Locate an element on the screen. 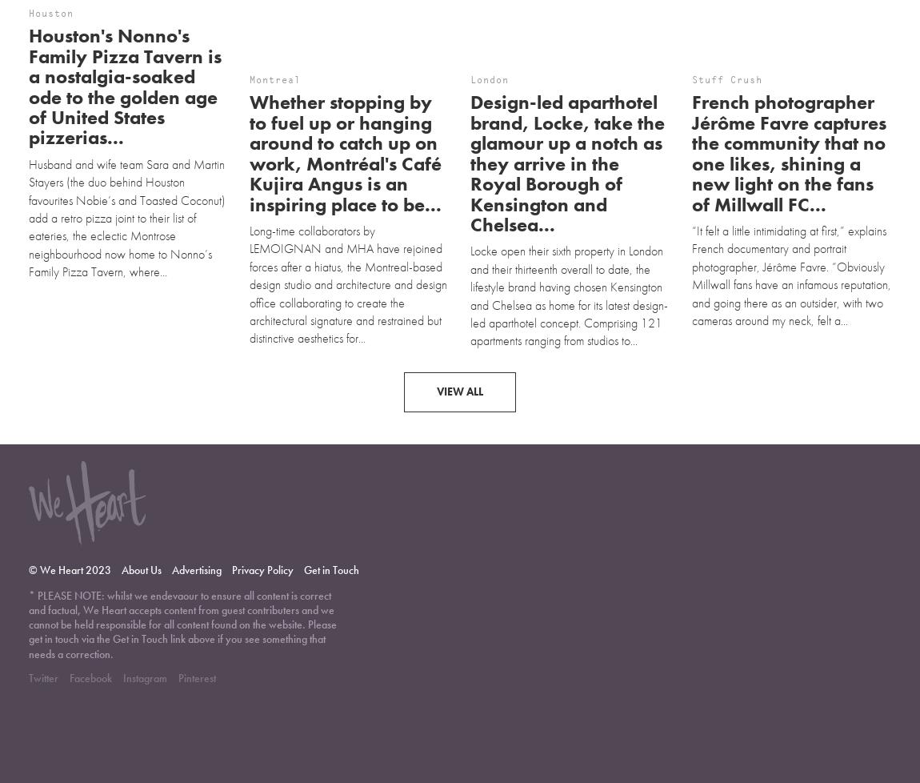  '© We Heart 2023' is located at coordinates (70, 503).